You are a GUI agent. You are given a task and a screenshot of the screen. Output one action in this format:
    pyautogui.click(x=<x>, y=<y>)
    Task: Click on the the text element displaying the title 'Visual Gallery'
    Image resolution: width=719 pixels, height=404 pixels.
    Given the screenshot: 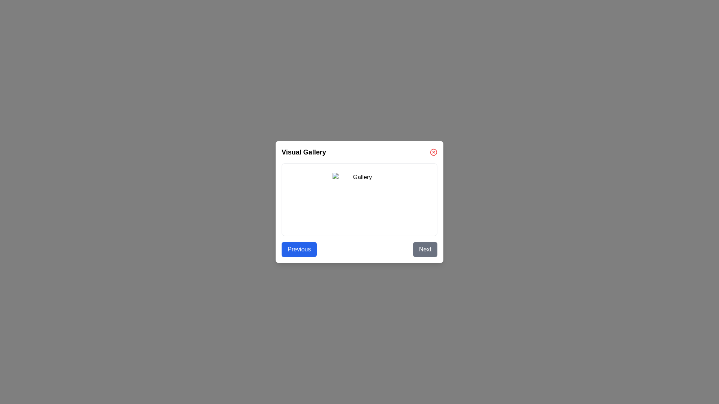 What is the action you would take?
    pyautogui.click(x=359, y=152)
    